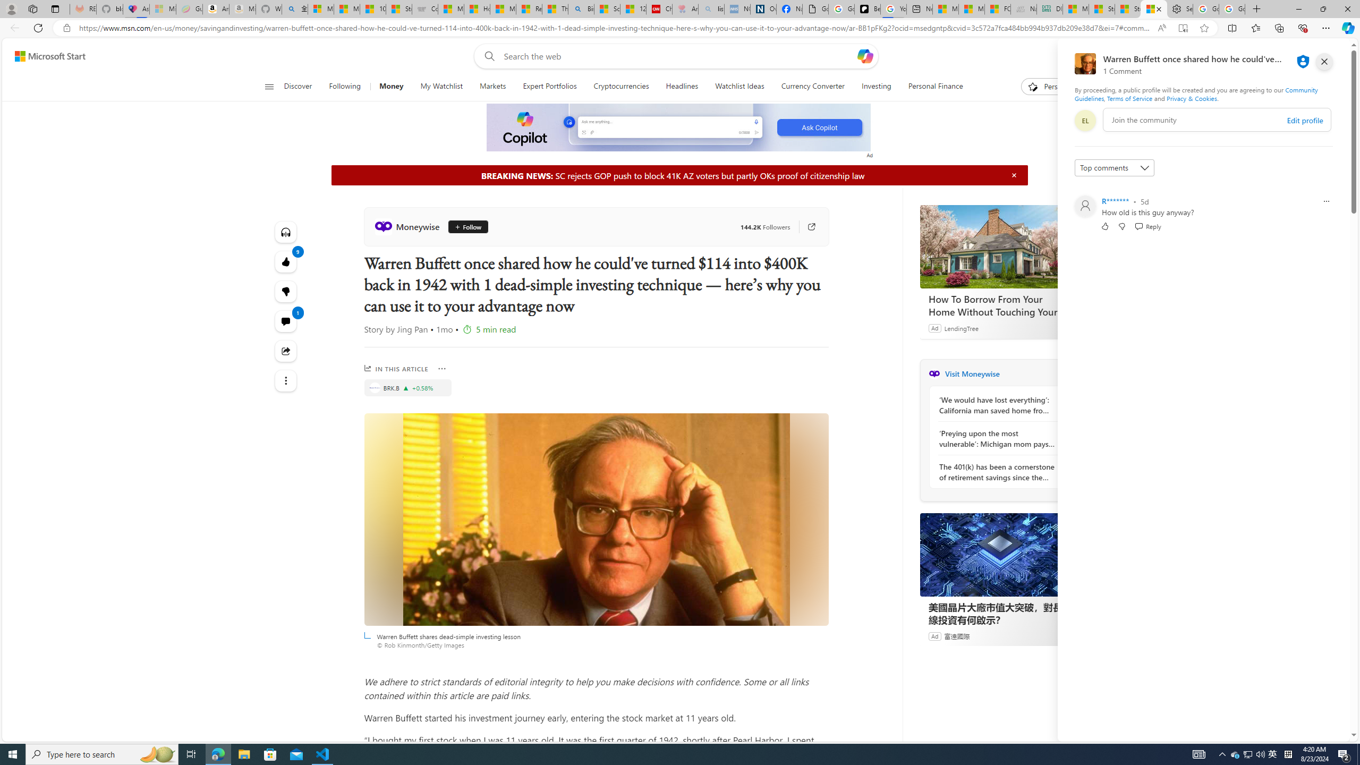 Image resolution: width=1360 pixels, height=765 pixels. I want to click on 'Price increase', so click(405, 387).